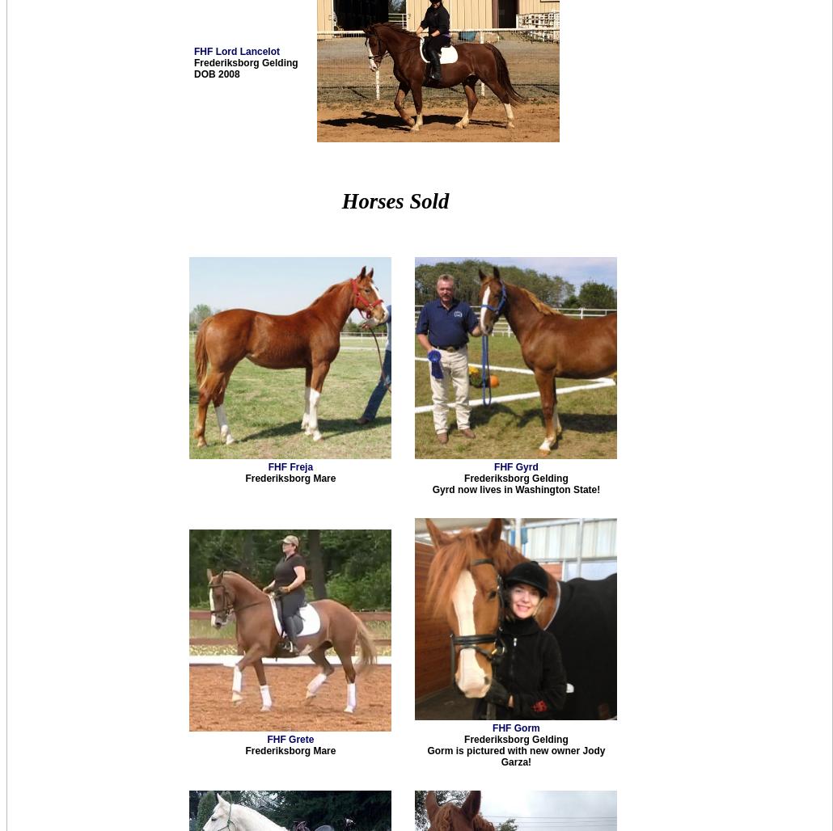 The image size is (833, 831). Describe the element at coordinates (514, 728) in the screenshot. I see `'FHF Gorm'` at that location.